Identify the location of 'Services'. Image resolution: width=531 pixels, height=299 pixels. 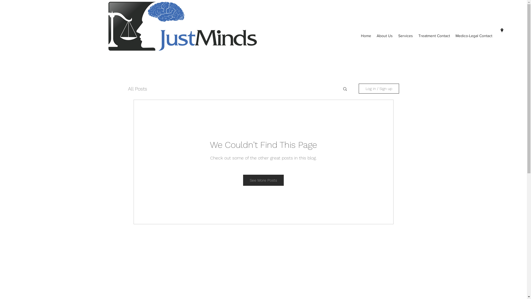
(405, 36).